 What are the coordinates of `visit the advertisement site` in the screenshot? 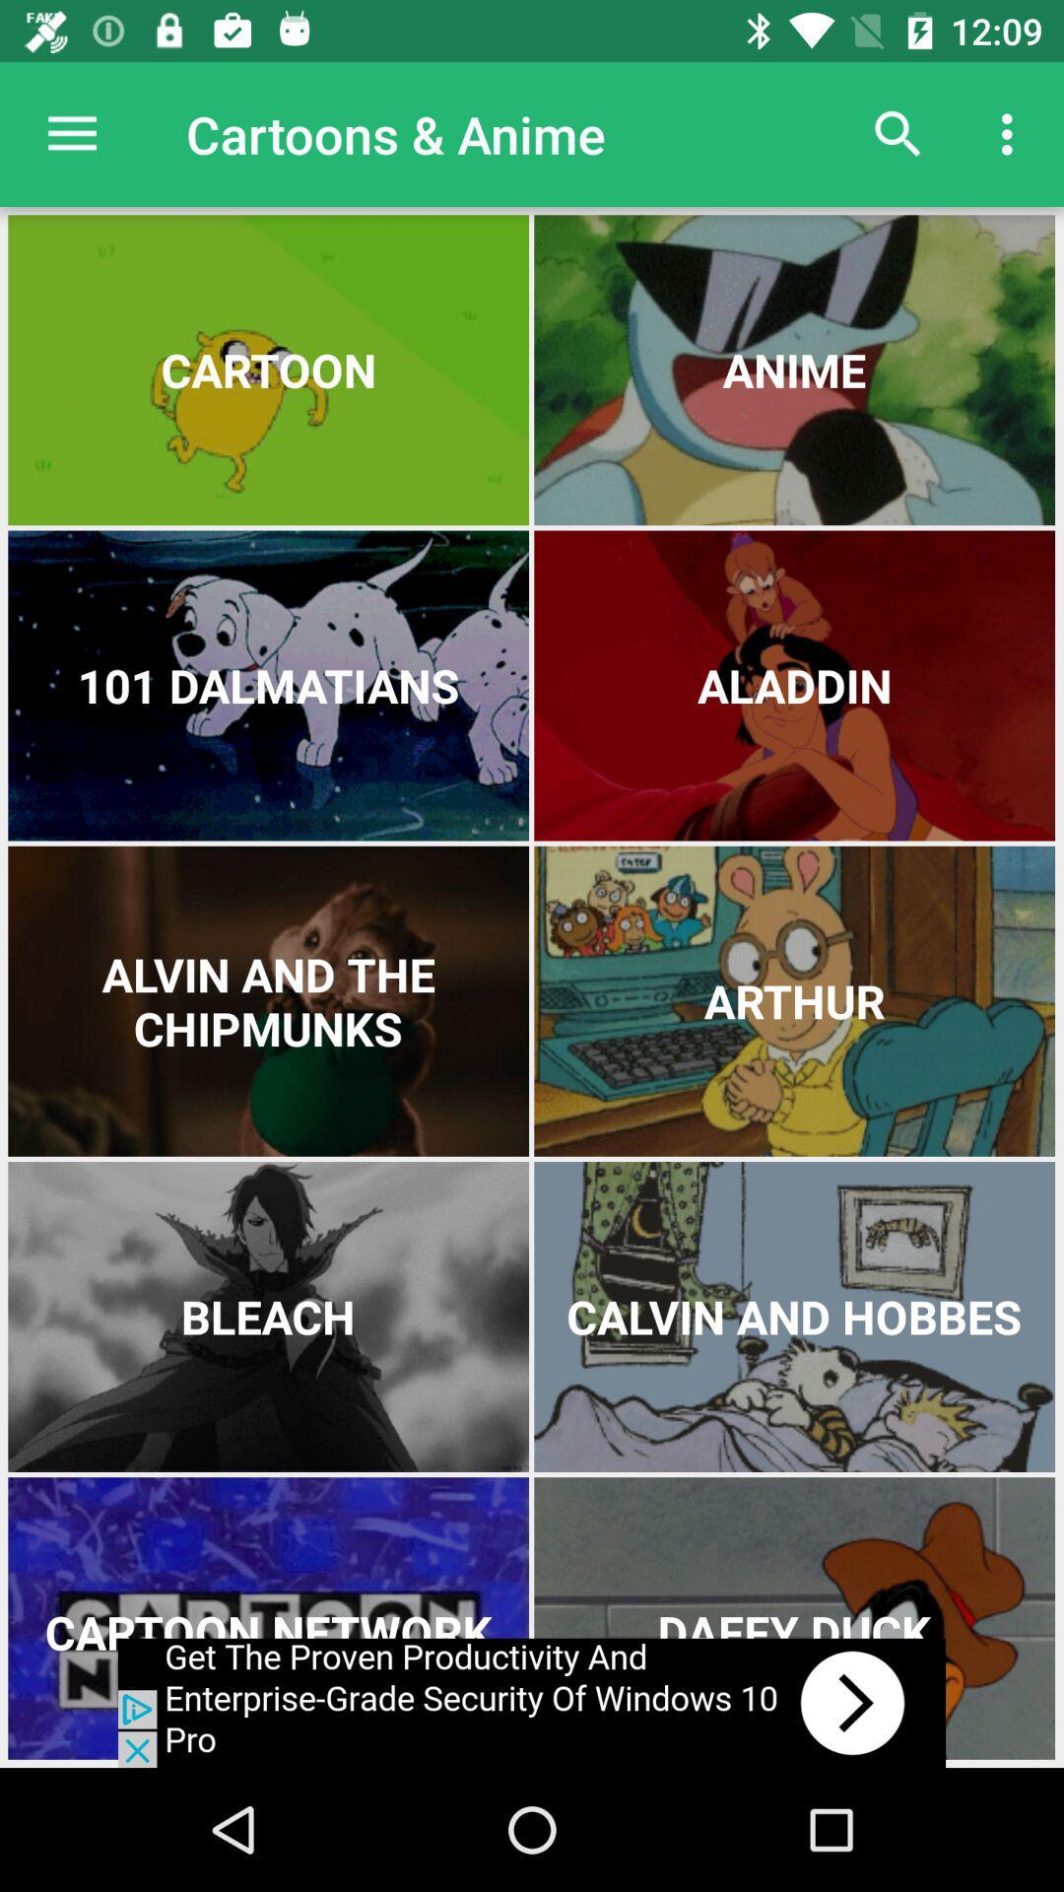 It's located at (532, 1702).